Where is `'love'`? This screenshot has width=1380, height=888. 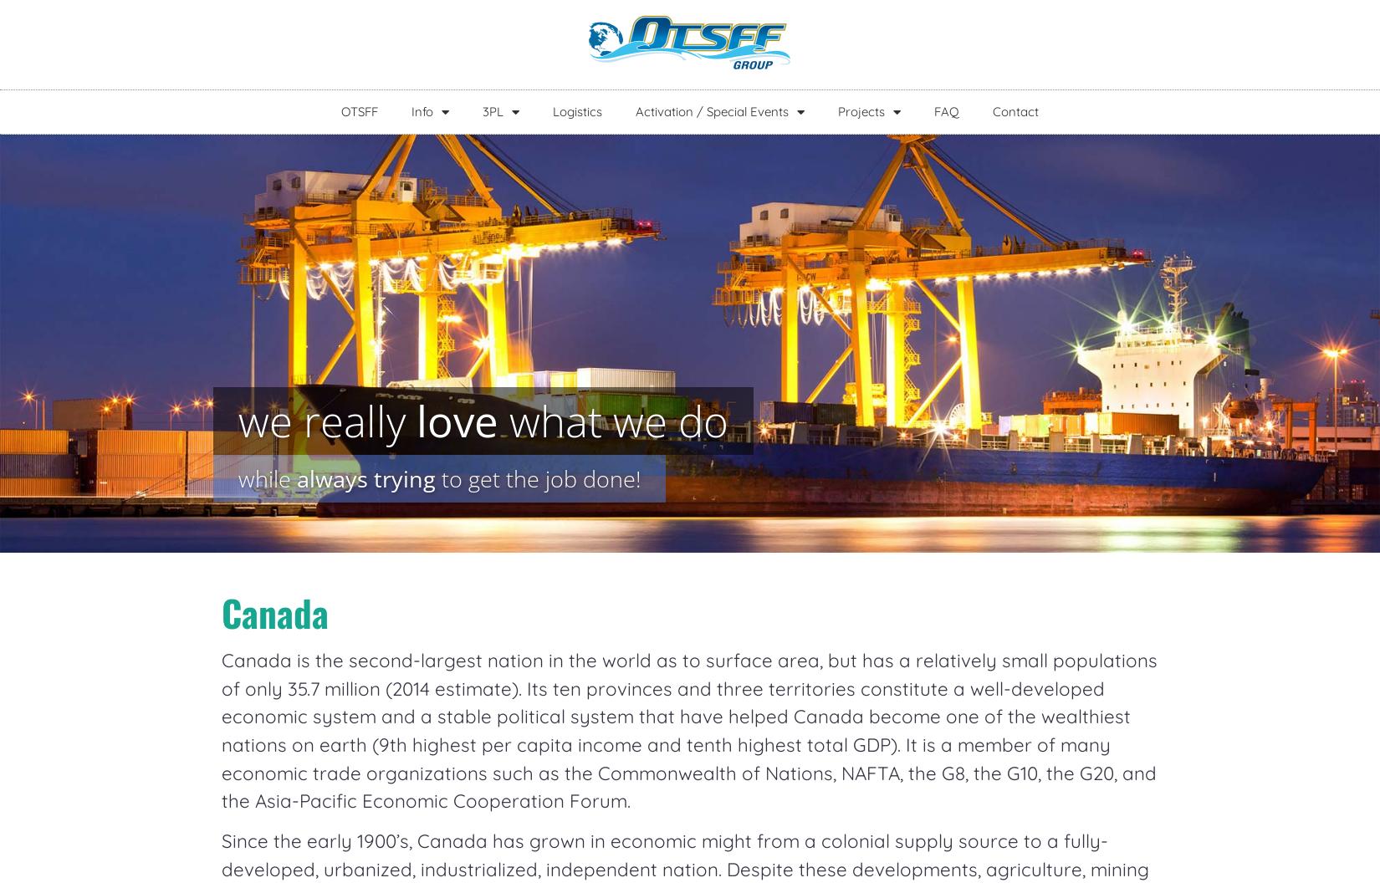
'love' is located at coordinates (456, 419).